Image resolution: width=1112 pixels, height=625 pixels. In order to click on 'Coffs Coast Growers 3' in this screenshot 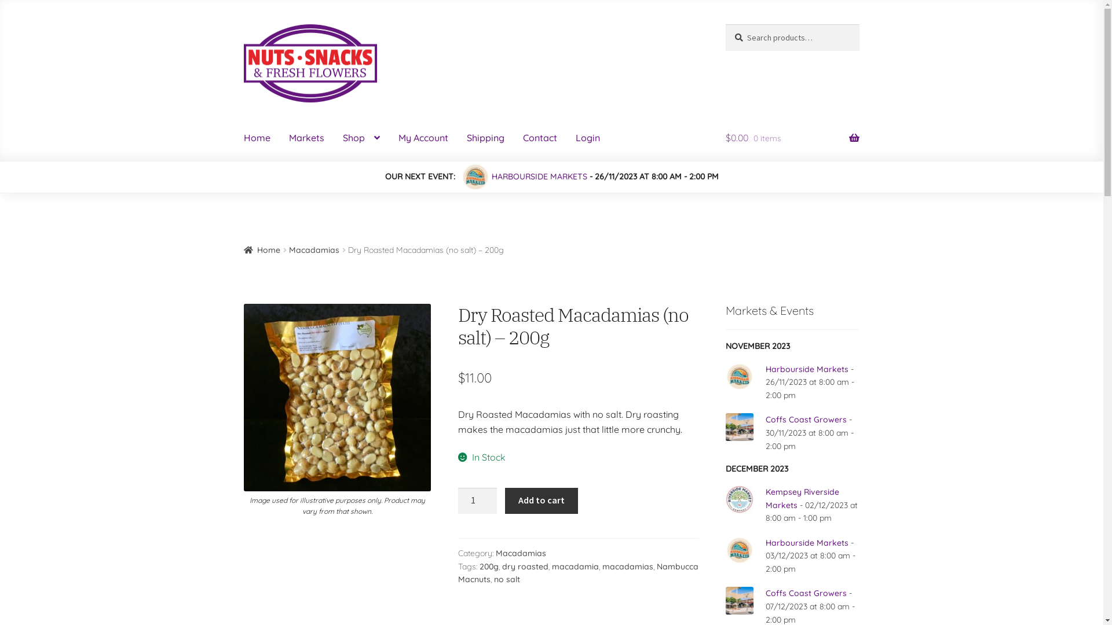, I will do `click(738, 427)`.